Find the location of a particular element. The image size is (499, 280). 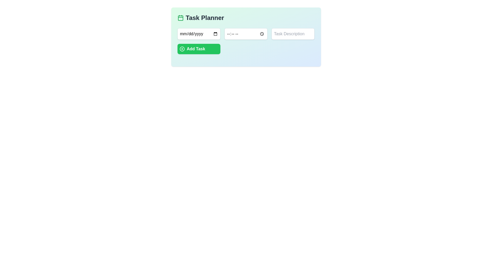

the circular green icon with a plus sign inside, which is part of the 'Add Task' button is located at coordinates (182, 49).